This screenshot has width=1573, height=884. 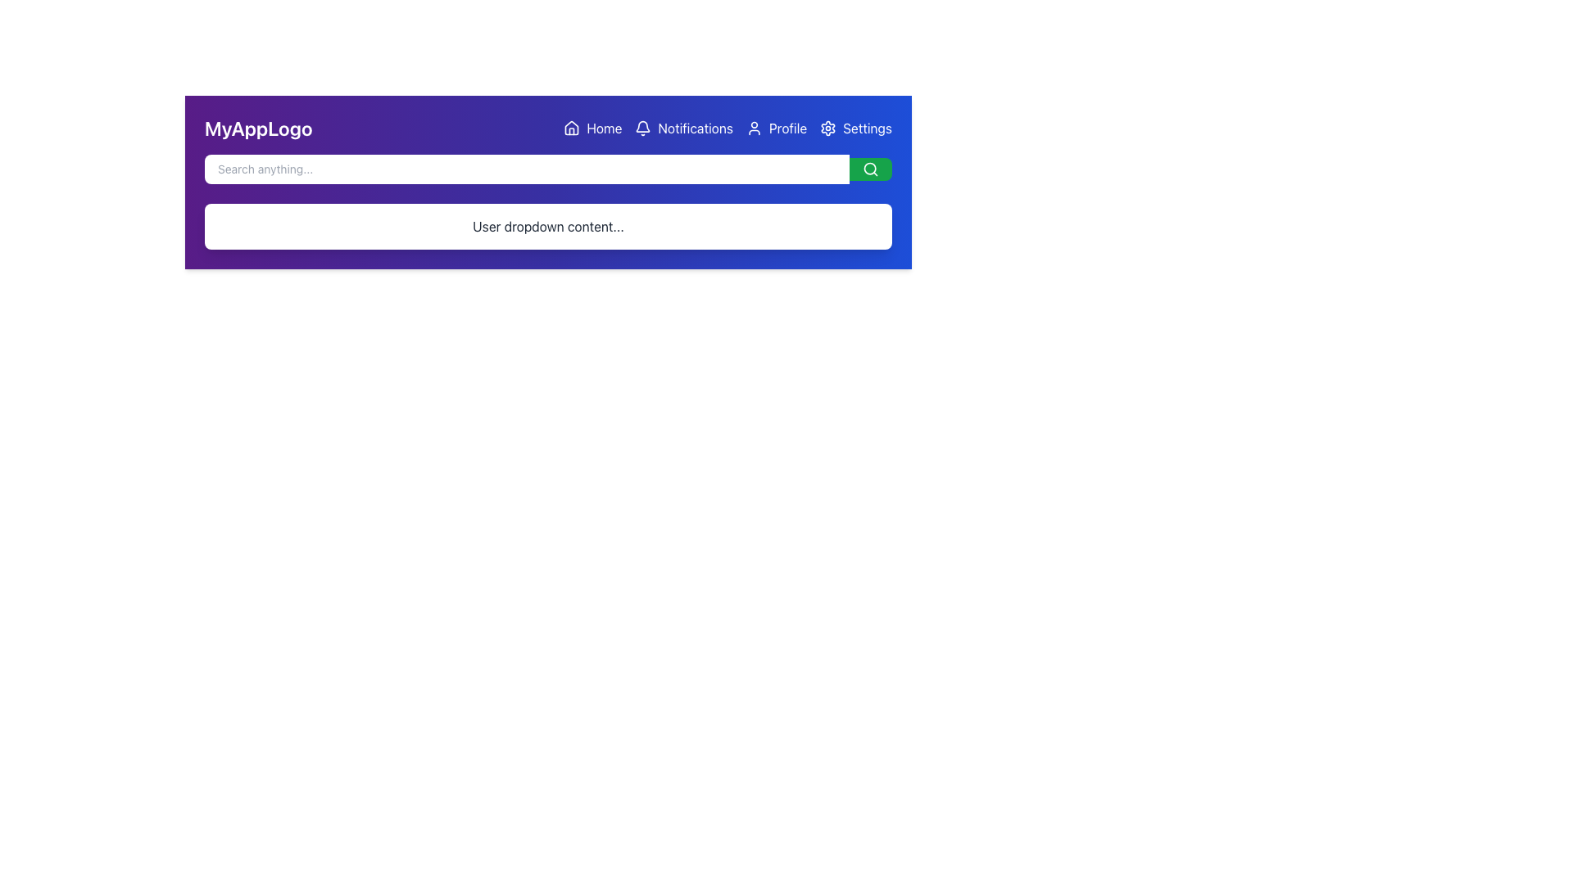 I want to click on the green magnifying glass icon with a white outline, which is located at the far right of the green button adjacent to the search input field, so click(x=869, y=169).